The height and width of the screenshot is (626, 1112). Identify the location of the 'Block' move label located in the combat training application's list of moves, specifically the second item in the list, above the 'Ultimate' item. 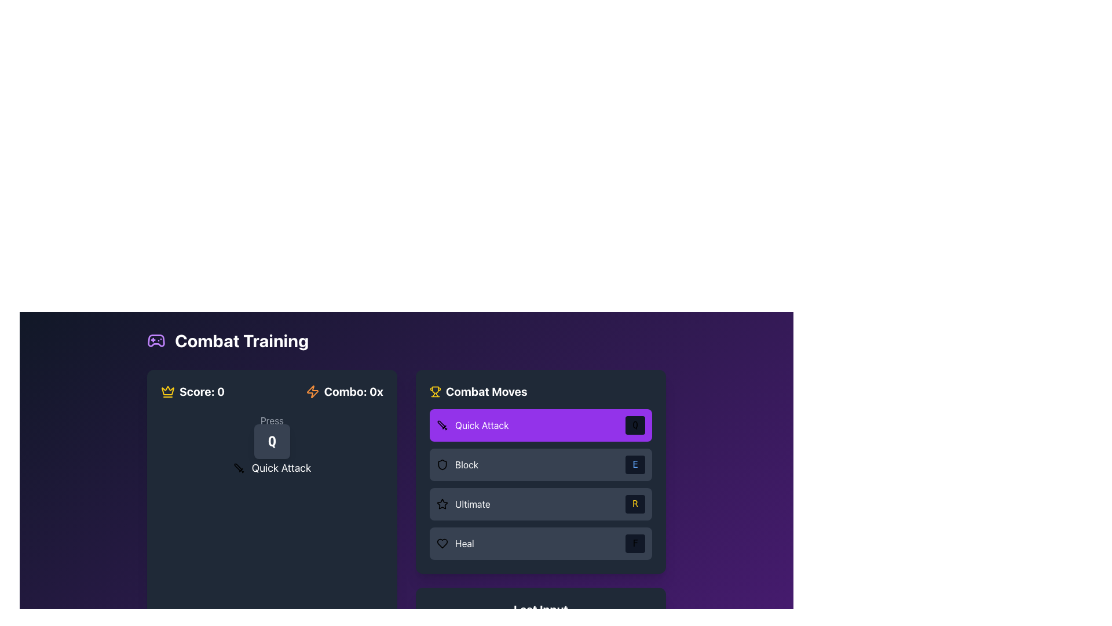
(457, 464).